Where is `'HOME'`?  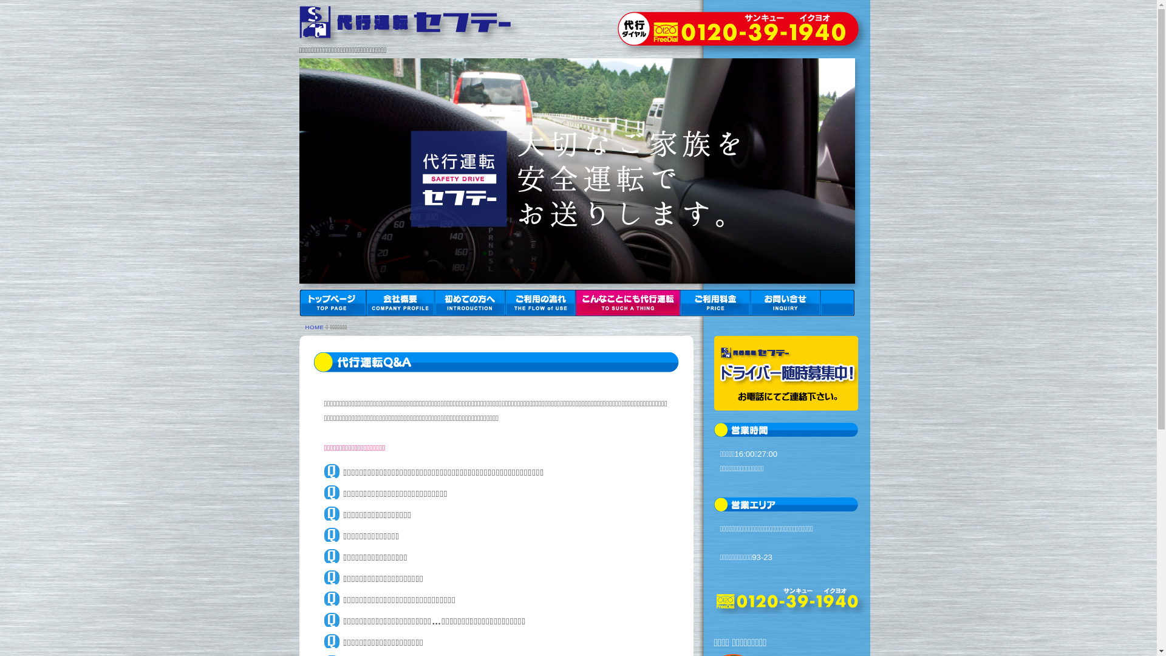
'HOME' is located at coordinates (314, 326).